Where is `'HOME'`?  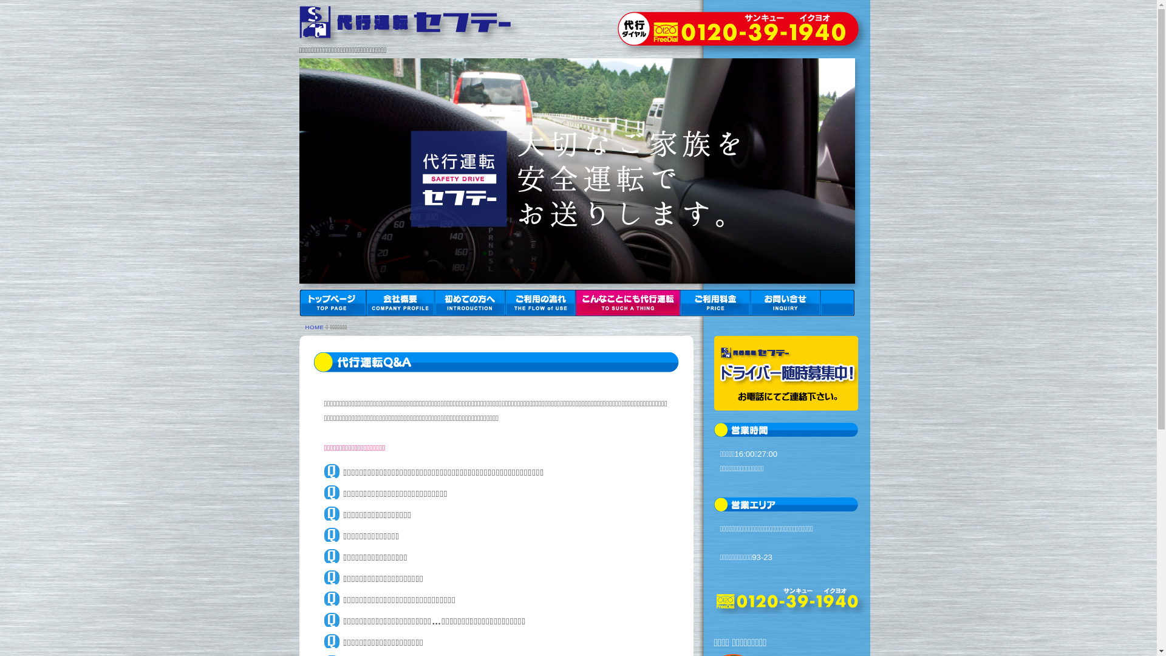
'HOME' is located at coordinates (314, 326).